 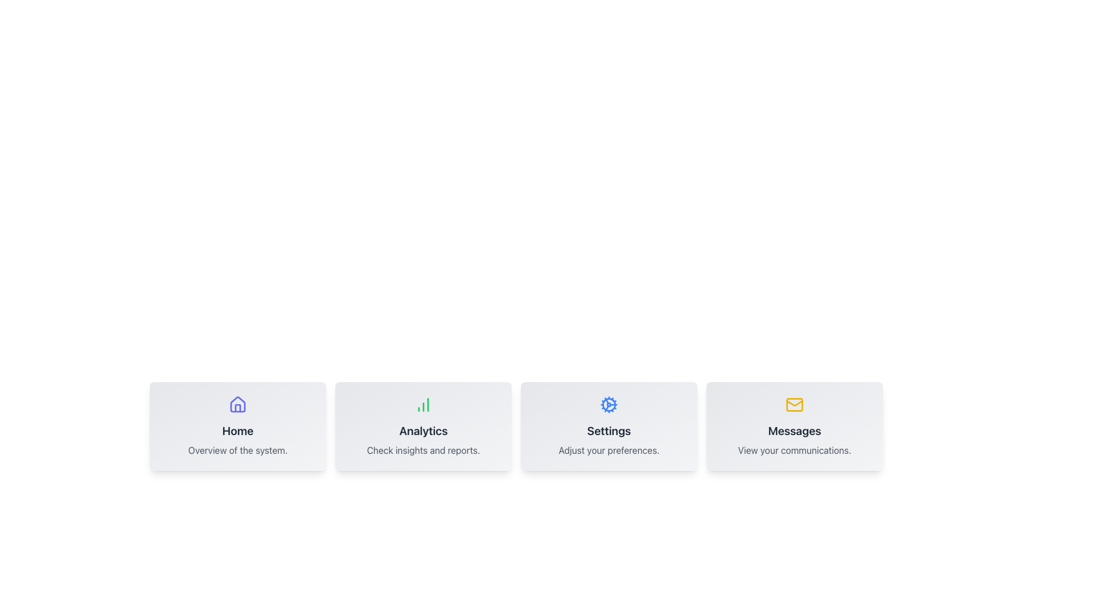 What do you see at coordinates (237, 449) in the screenshot?
I see `the text label located at the bottom of the 'Home' card, directly under the 'Home' title` at bounding box center [237, 449].